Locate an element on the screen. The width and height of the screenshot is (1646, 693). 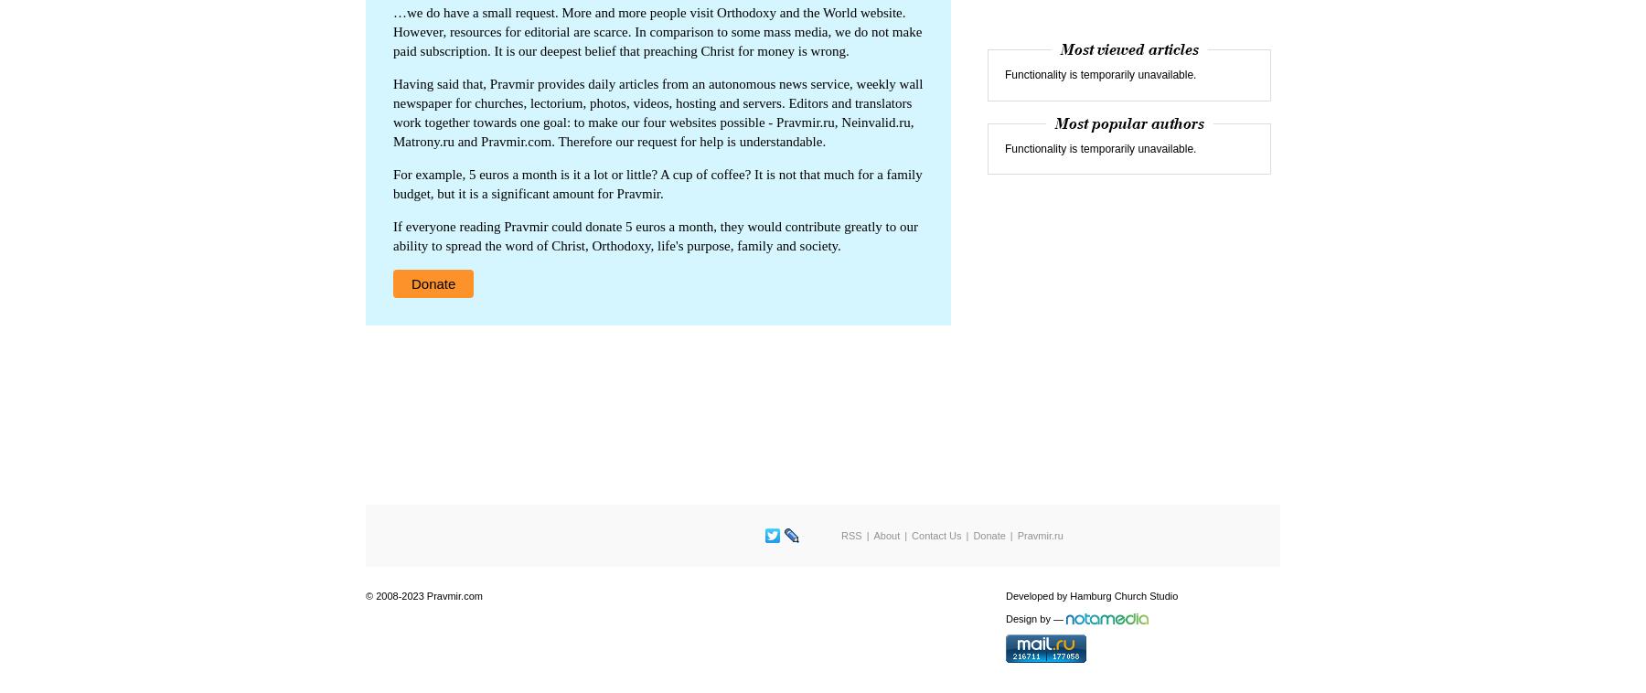
'Most viewed articles' is located at coordinates (1128, 49).